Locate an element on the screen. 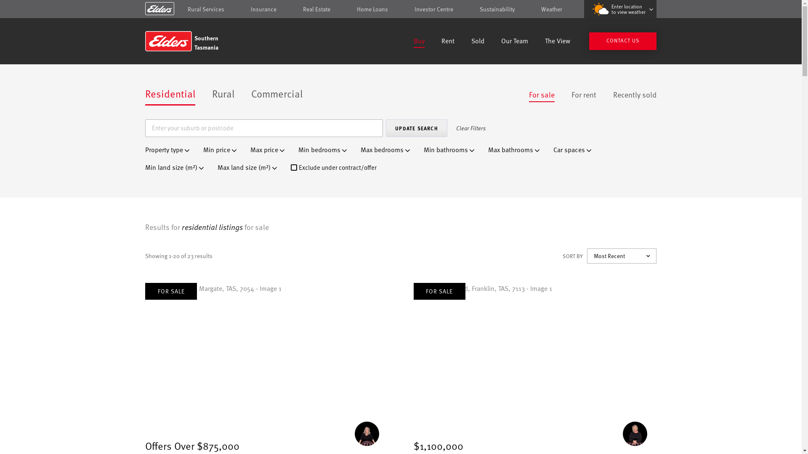  'Residential' is located at coordinates (145, 94).